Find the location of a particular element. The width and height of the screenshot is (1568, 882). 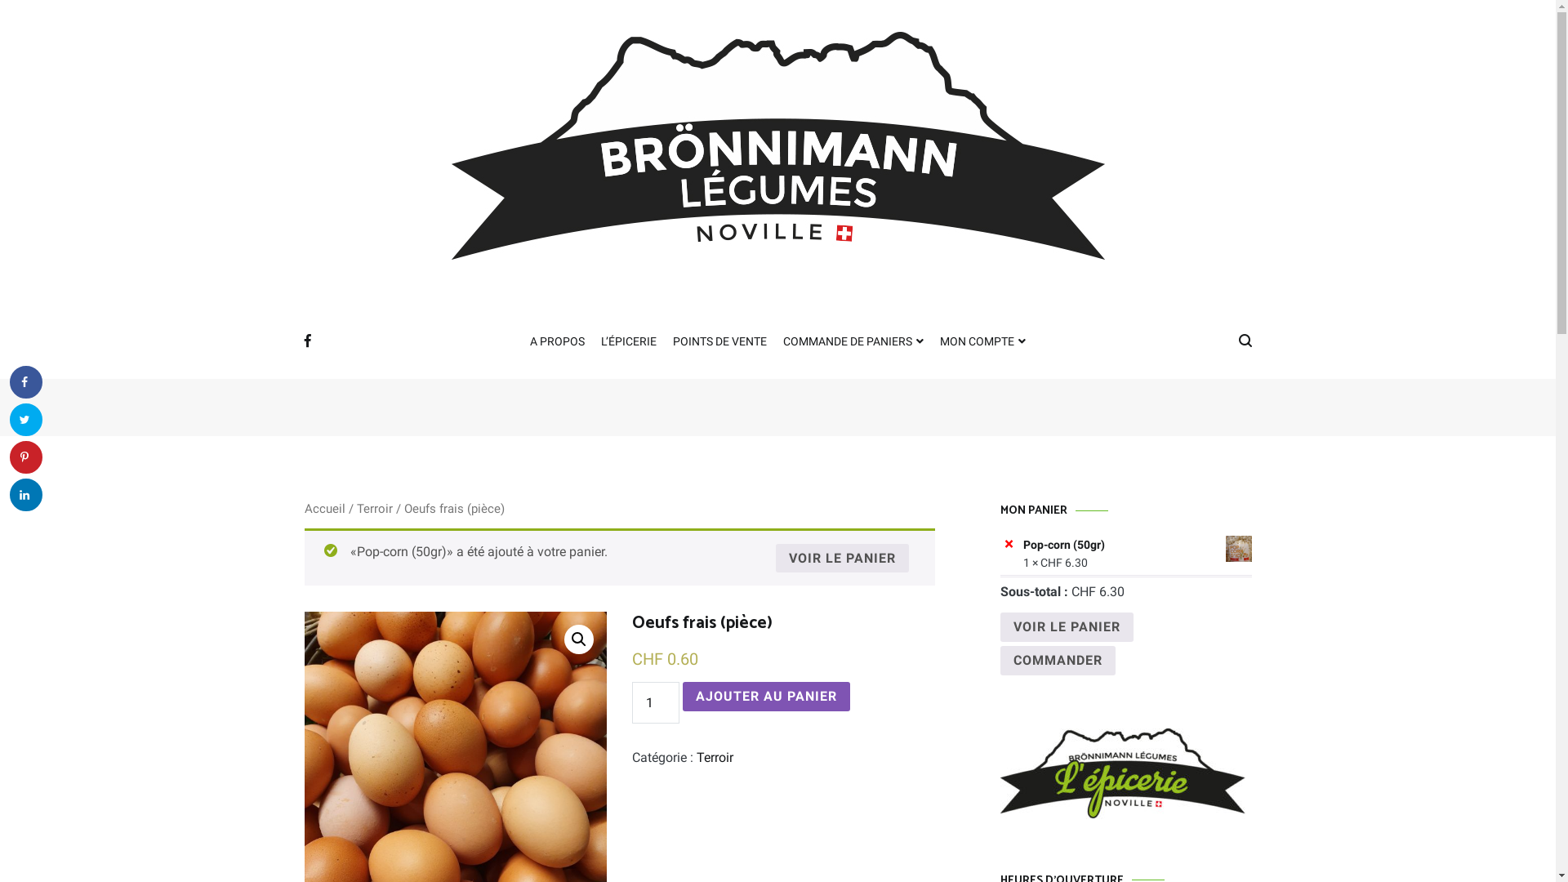

'COMMANDER' is located at coordinates (1057, 660).